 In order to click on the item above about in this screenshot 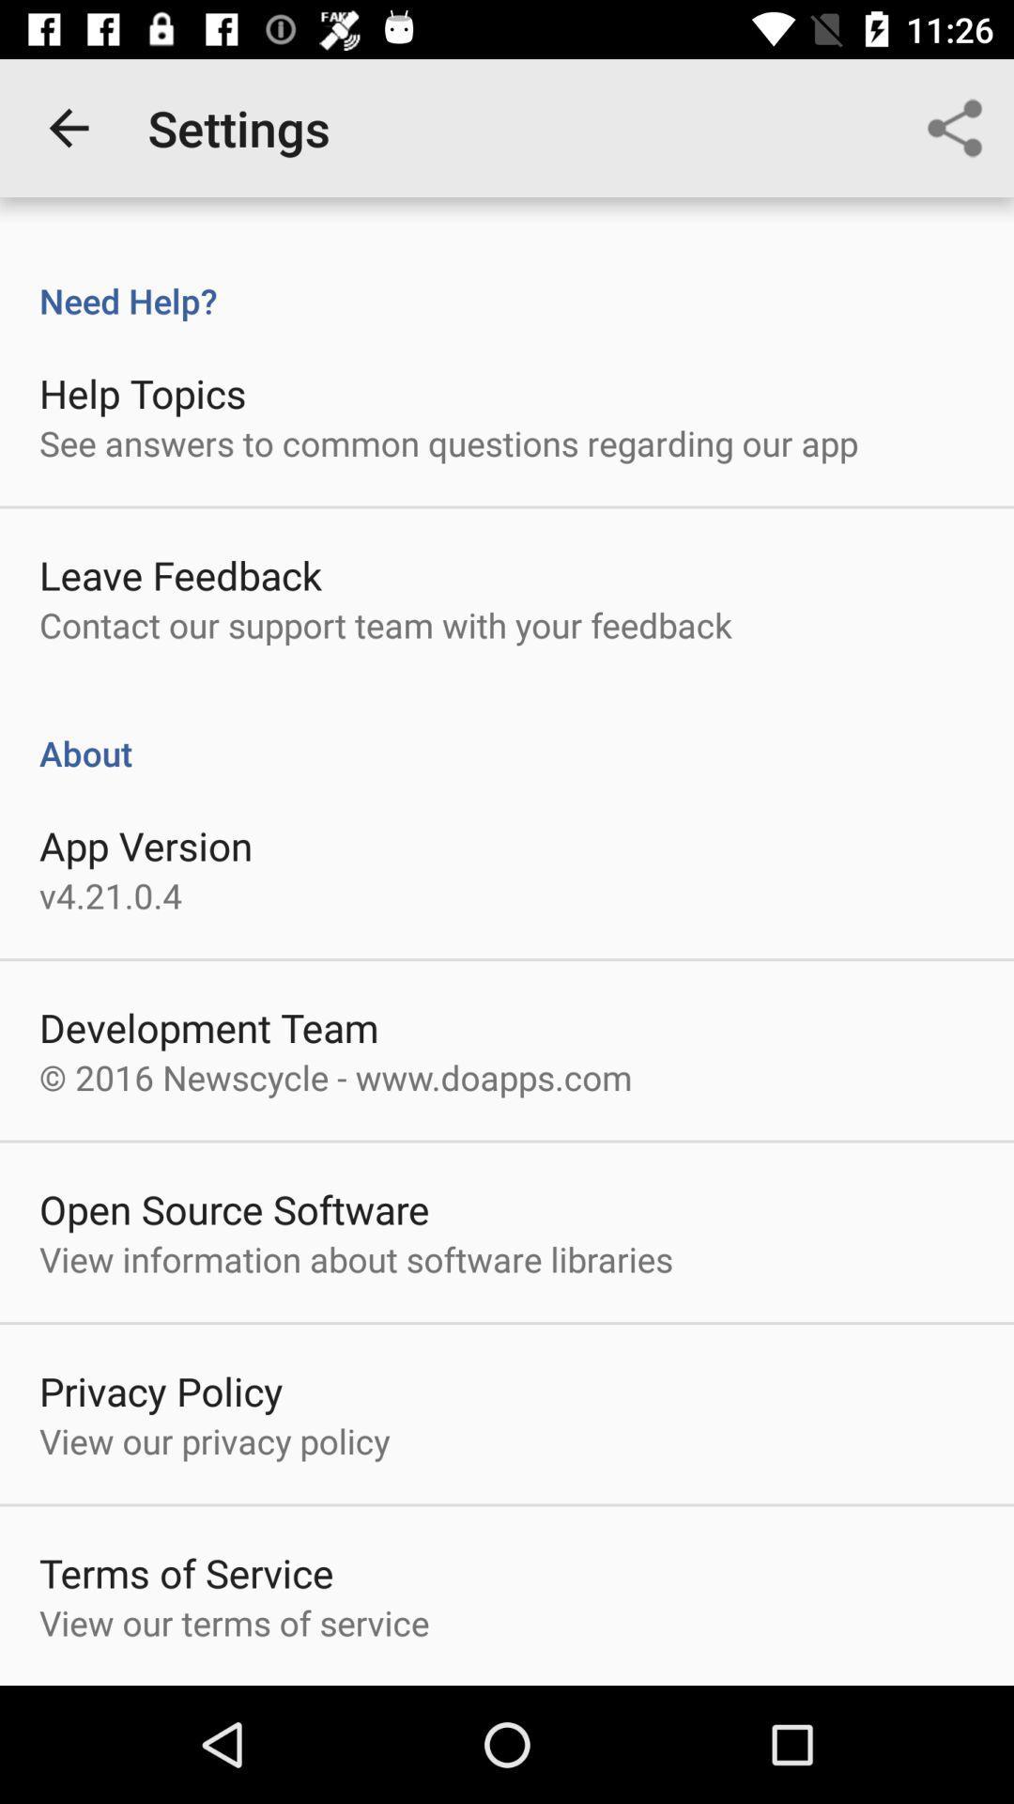, I will do `click(385, 625)`.